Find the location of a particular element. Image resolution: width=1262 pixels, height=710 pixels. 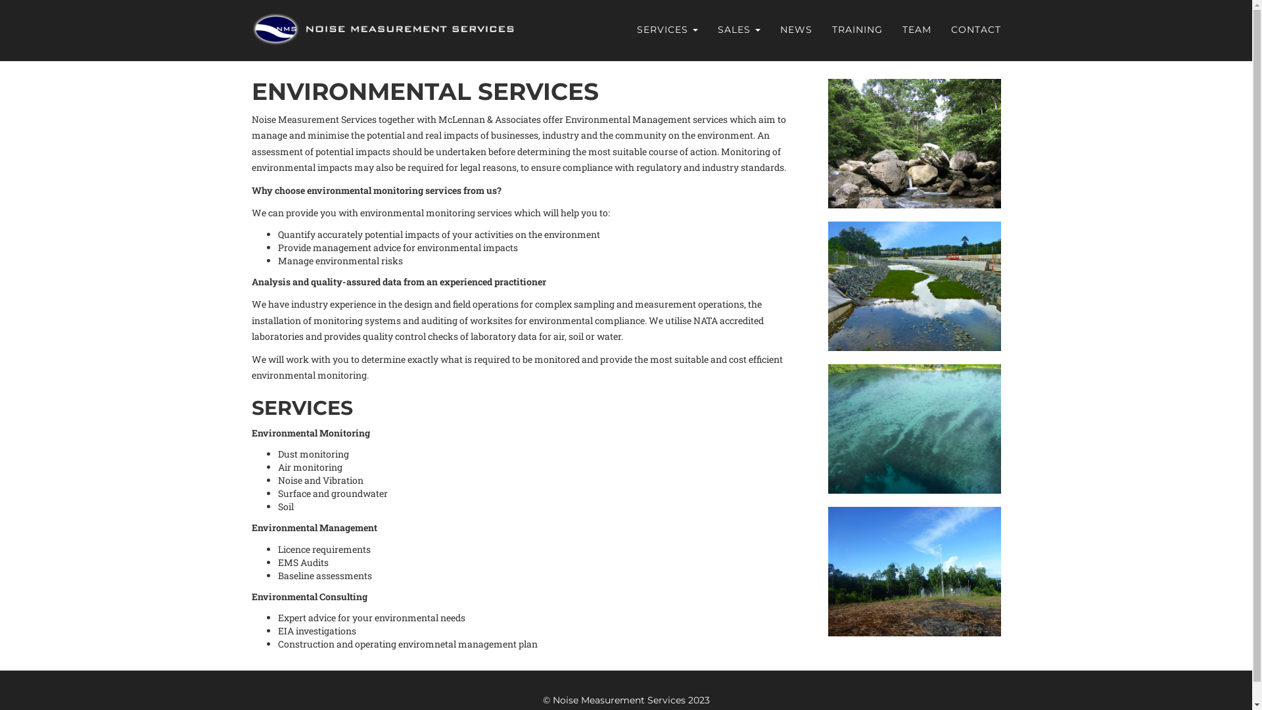

'SALES' is located at coordinates (706, 30).